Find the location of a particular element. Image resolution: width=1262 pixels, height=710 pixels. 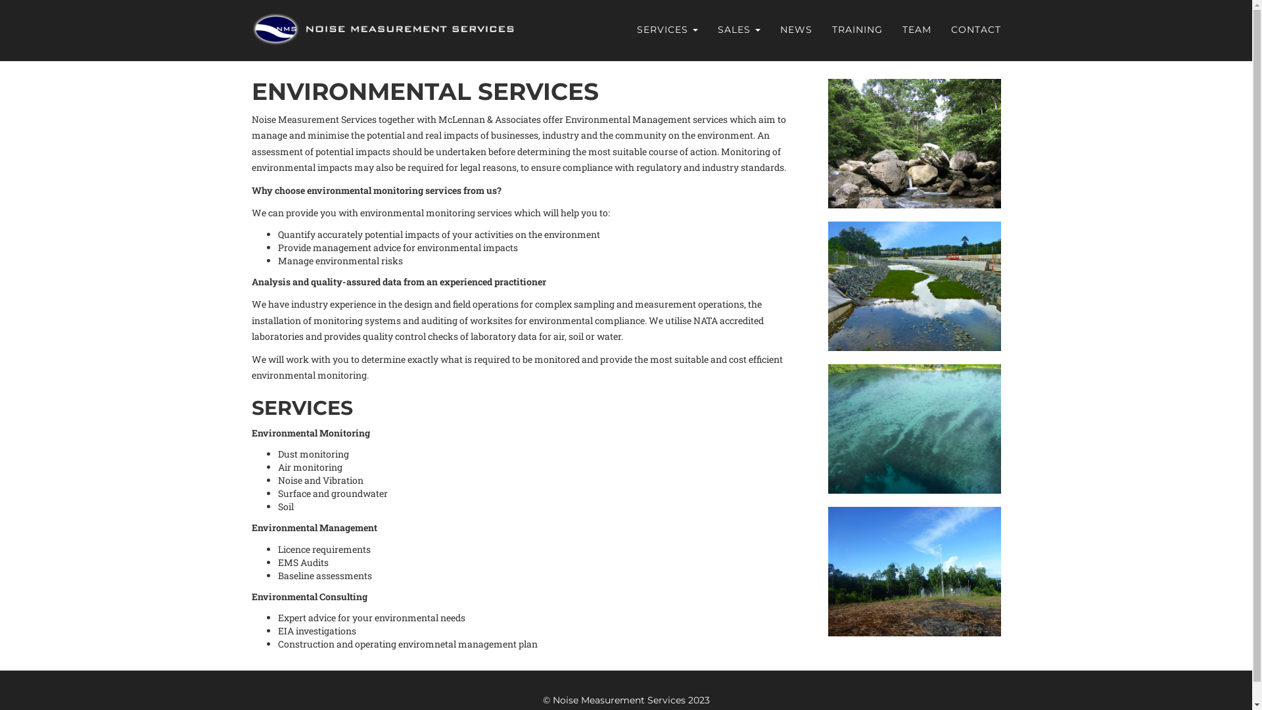

'SALES' is located at coordinates (706, 30).